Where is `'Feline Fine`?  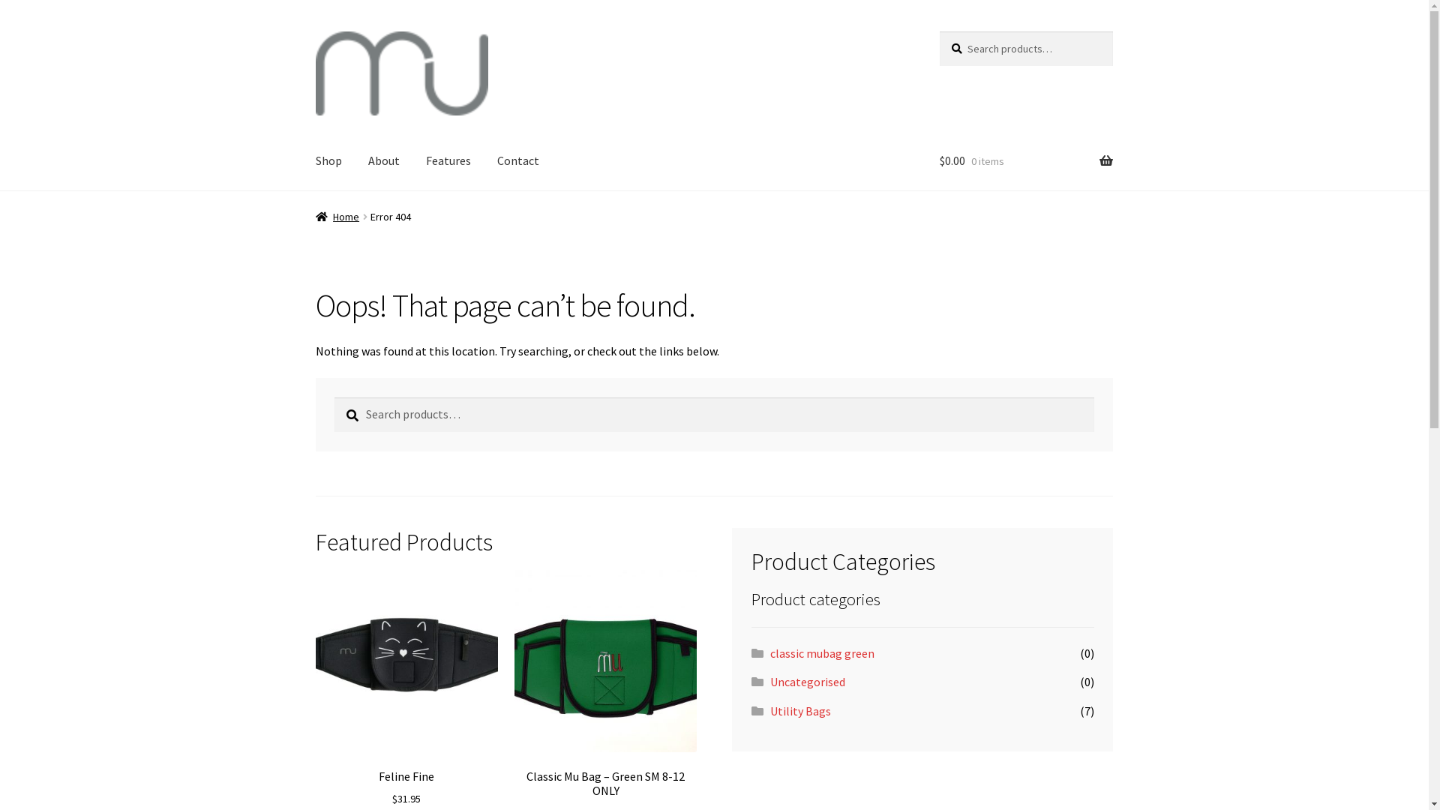 'Feline Fine is located at coordinates (406, 688).